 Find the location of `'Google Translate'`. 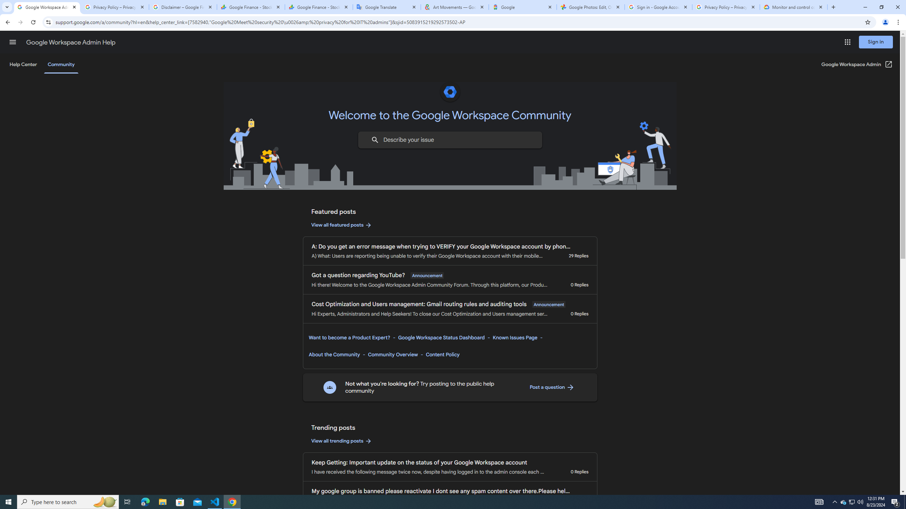

'Google Translate' is located at coordinates (386, 7).